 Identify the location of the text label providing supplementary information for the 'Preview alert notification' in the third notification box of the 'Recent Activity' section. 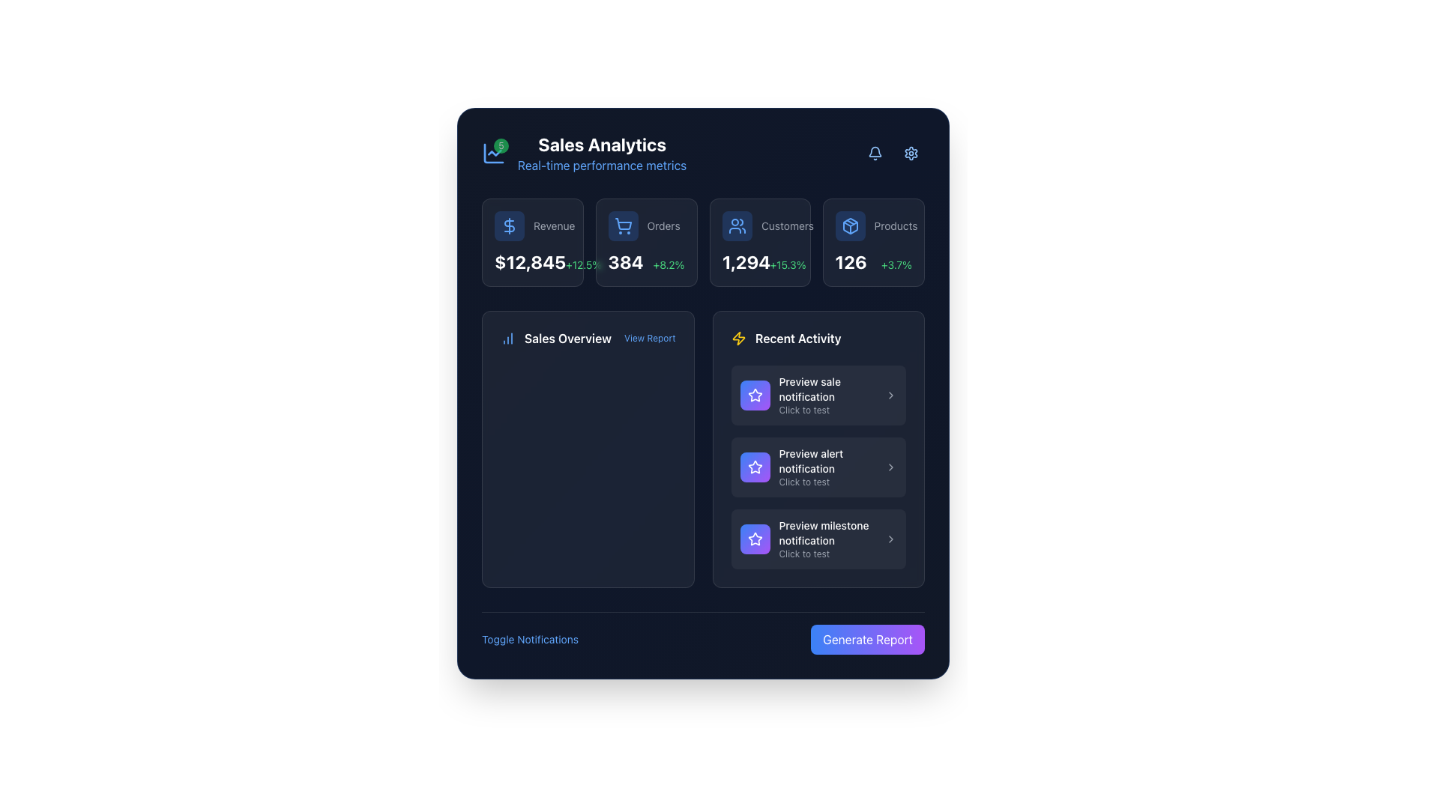
(827, 482).